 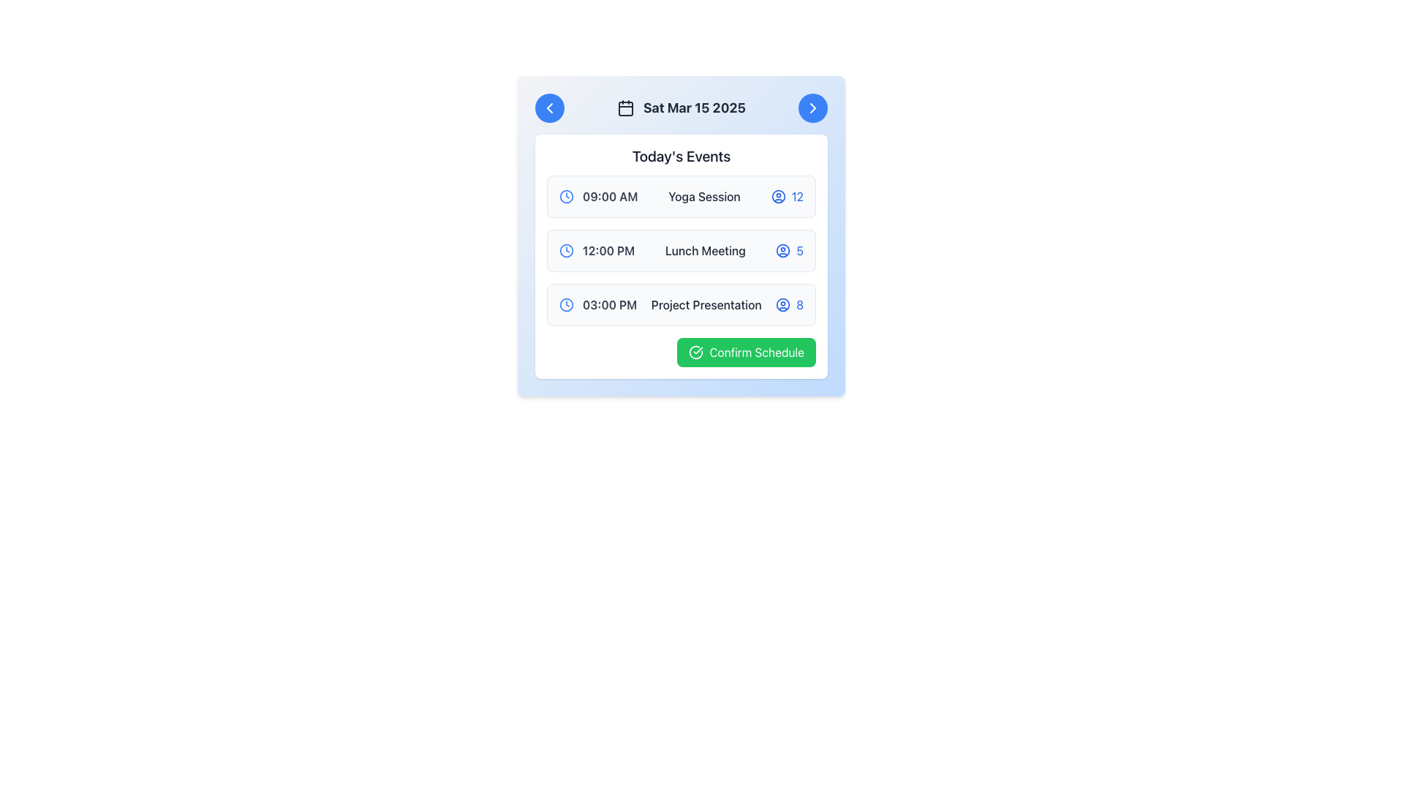 What do you see at coordinates (598, 196) in the screenshot?
I see `Time display element which shows '09:00 AM' represented by a blue circular clock icon and bold dark-gray text, located in the upper section of the event list` at bounding box center [598, 196].